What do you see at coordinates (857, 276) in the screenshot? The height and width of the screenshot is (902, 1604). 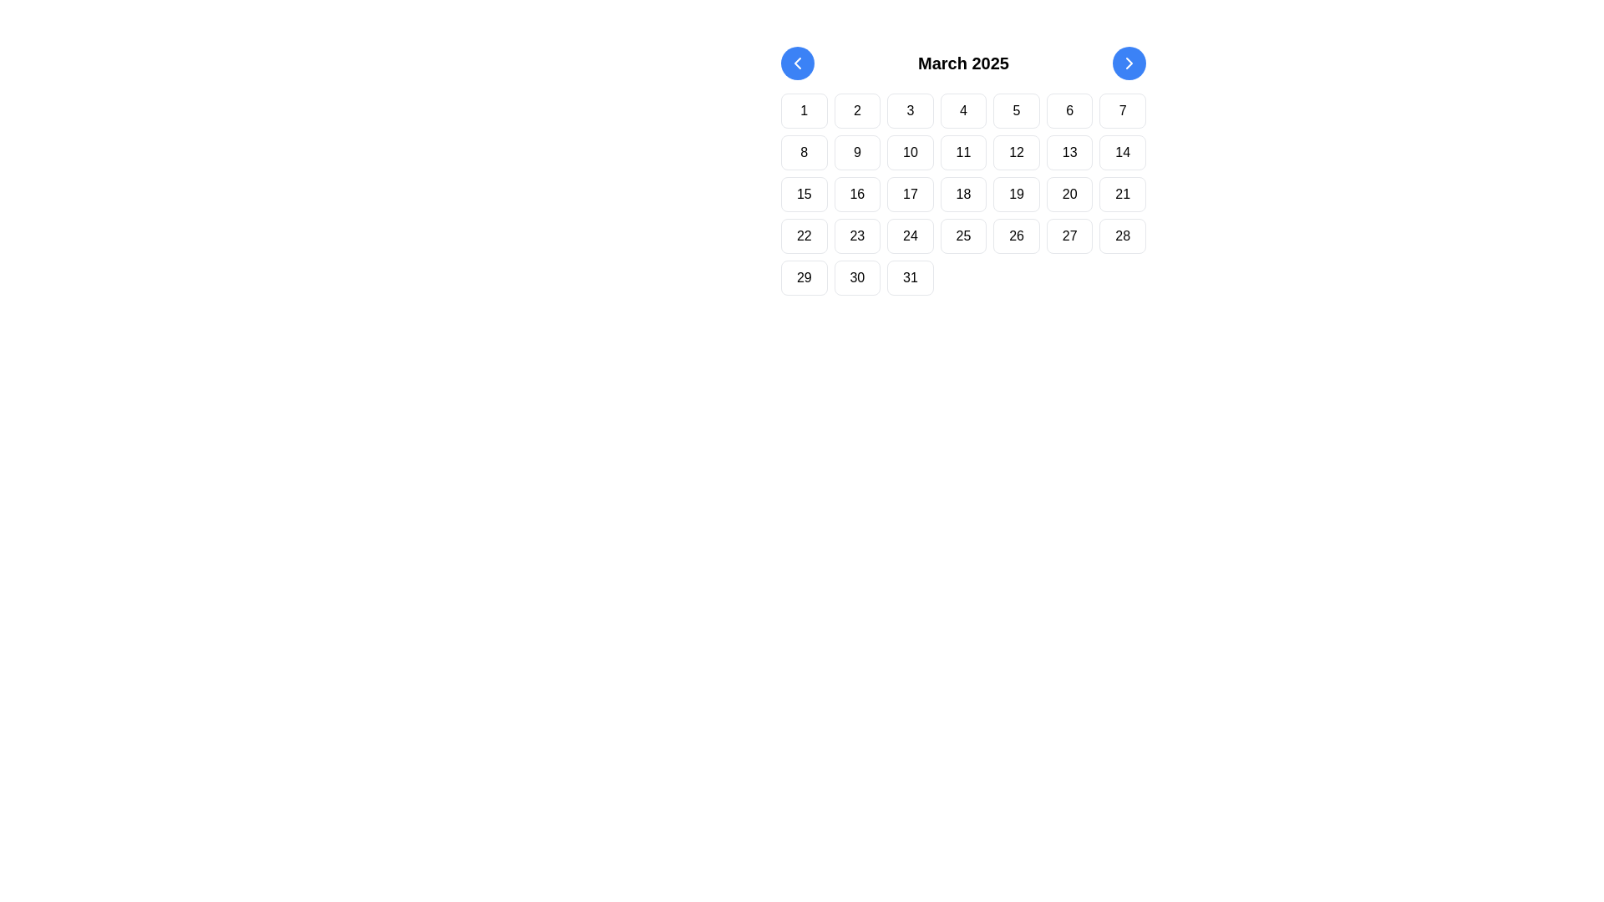 I see `the date selection button for the date '30' in the calendar grid, which is the sixth item in the fifth row, located between '29' and '31'` at bounding box center [857, 276].